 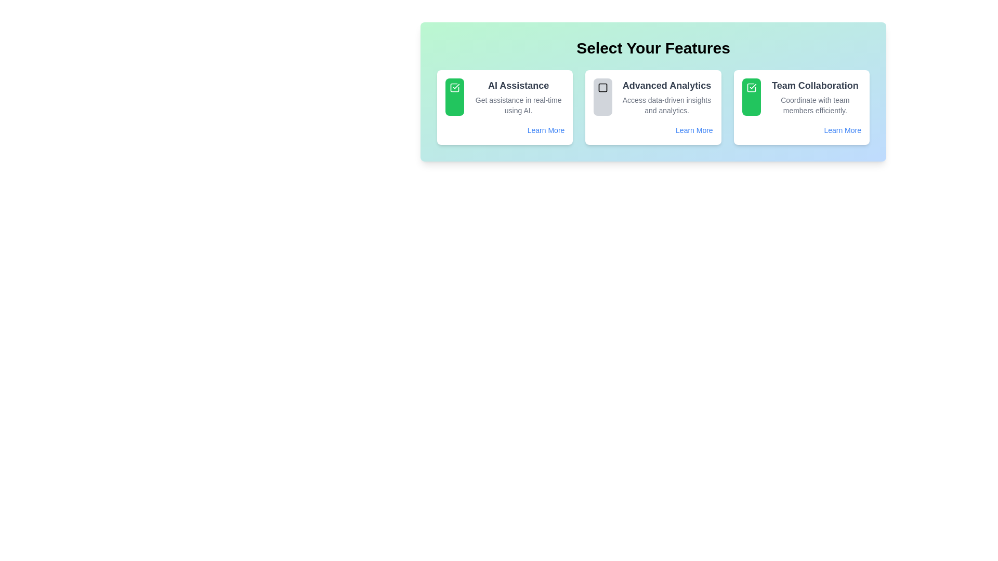 What do you see at coordinates (454, 87) in the screenshot?
I see `the Checkbox style icon within the green rectangular icon on the leftmost card labeled 'AI Assistance'` at bounding box center [454, 87].